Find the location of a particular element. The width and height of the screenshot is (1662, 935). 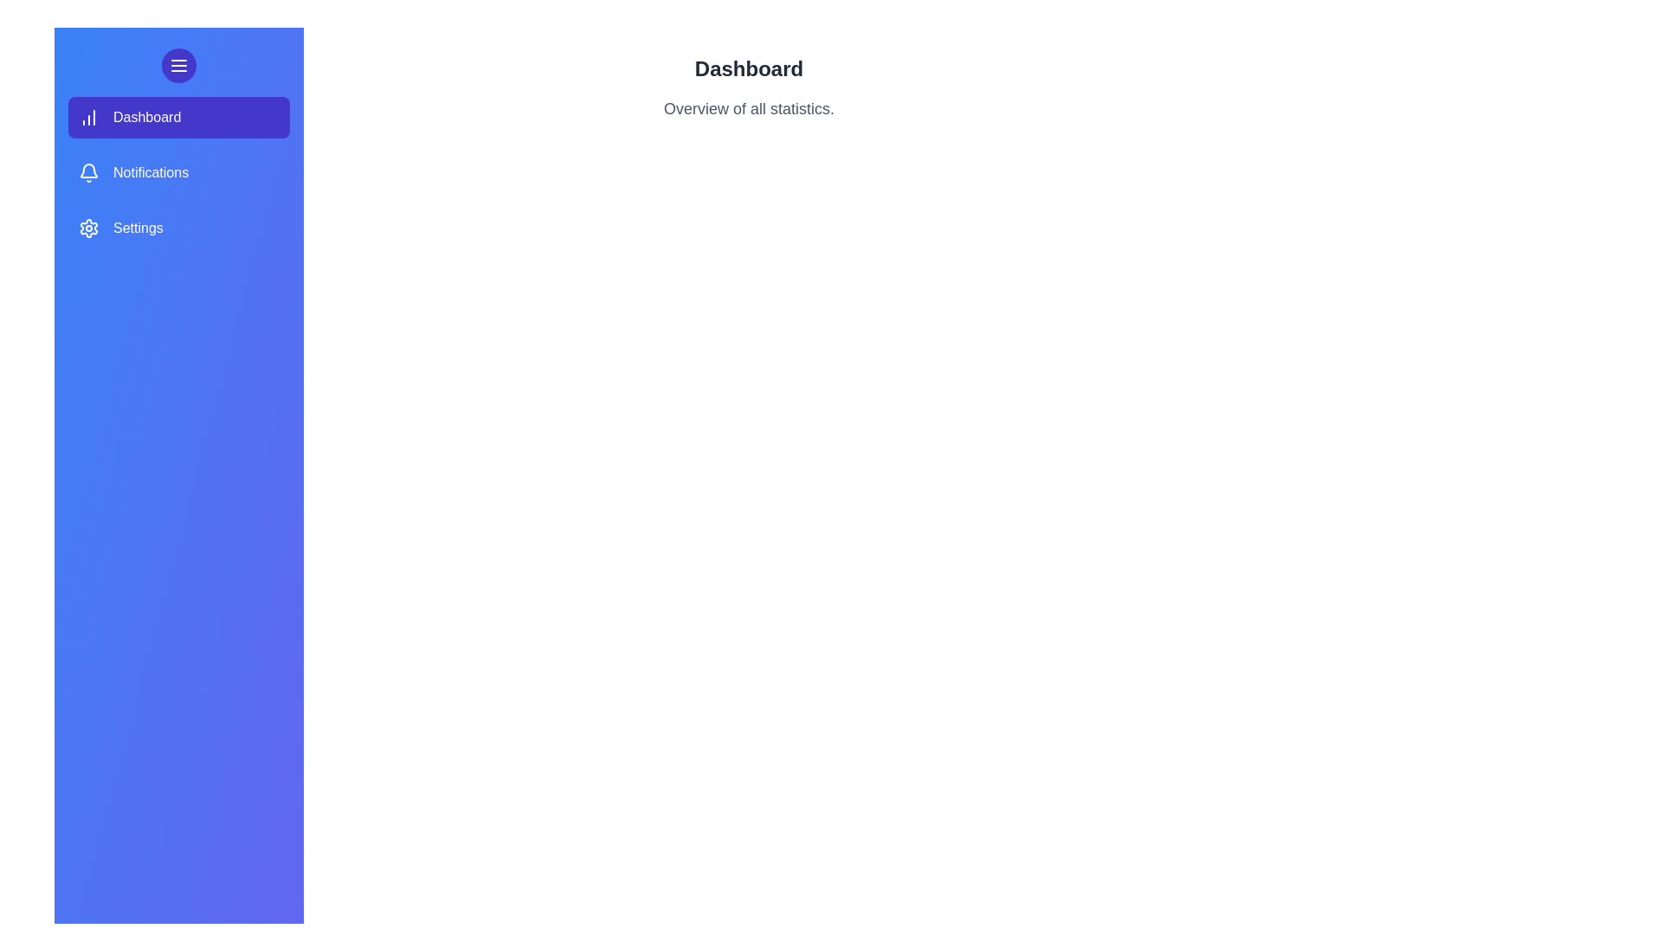

the Notifications icon in the side menu is located at coordinates (87, 173).